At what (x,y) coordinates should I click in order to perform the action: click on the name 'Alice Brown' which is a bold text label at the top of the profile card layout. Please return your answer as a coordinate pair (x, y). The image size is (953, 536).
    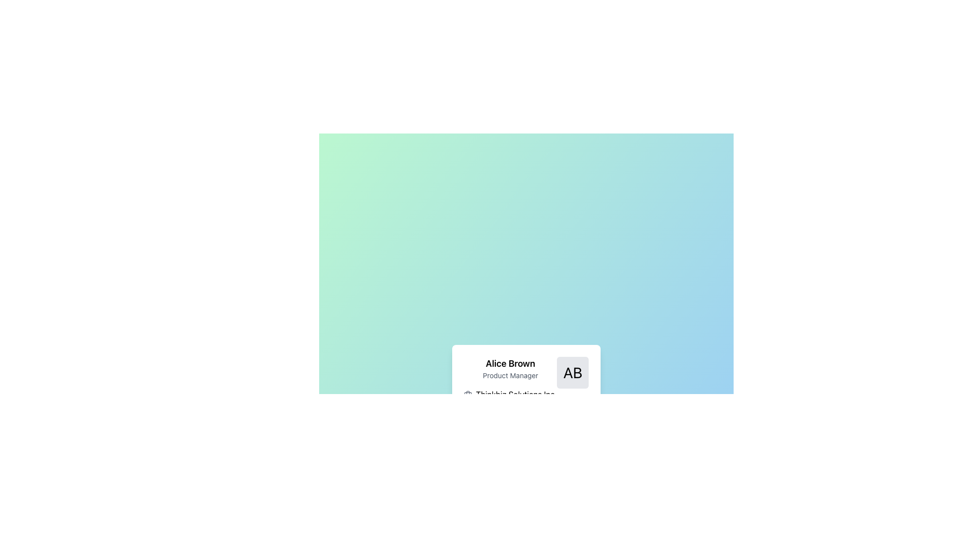
    Looking at the image, I should click on (510, 363).